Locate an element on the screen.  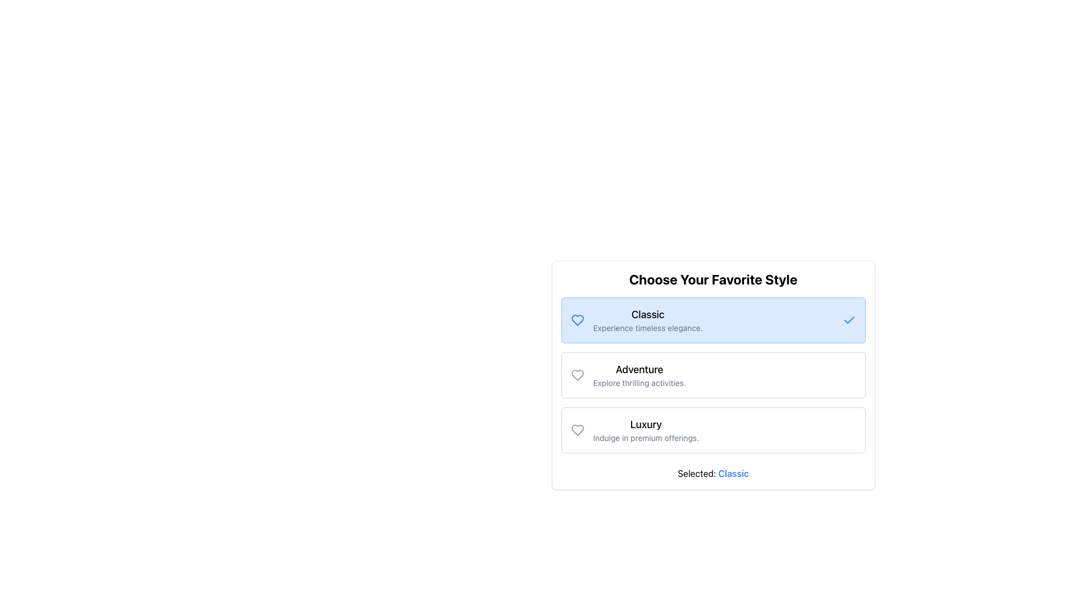
the Text Display element that features a bold title 'Luxury' and a description 'Indulge in premium offerings.', which is located in the third card of a vertically stacked list is located at coordinates (646, 430).